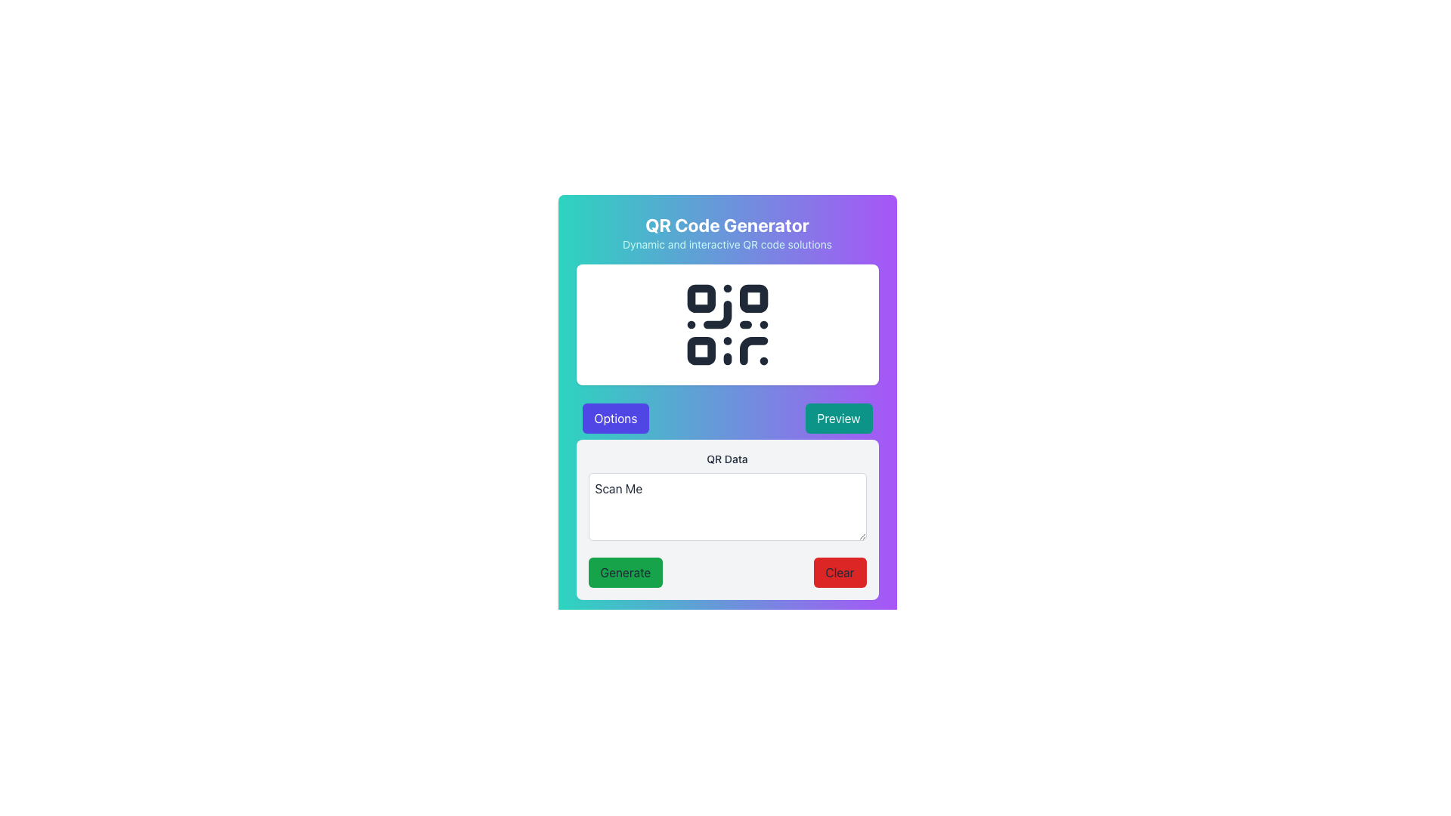 The height and width of the screenshot is (816, 1451). I want to click on the bold, large-sized heading text 'QR Code Generator' which is positioned at the top center of the layout, indicating its importance as a header, so click(727, 224).